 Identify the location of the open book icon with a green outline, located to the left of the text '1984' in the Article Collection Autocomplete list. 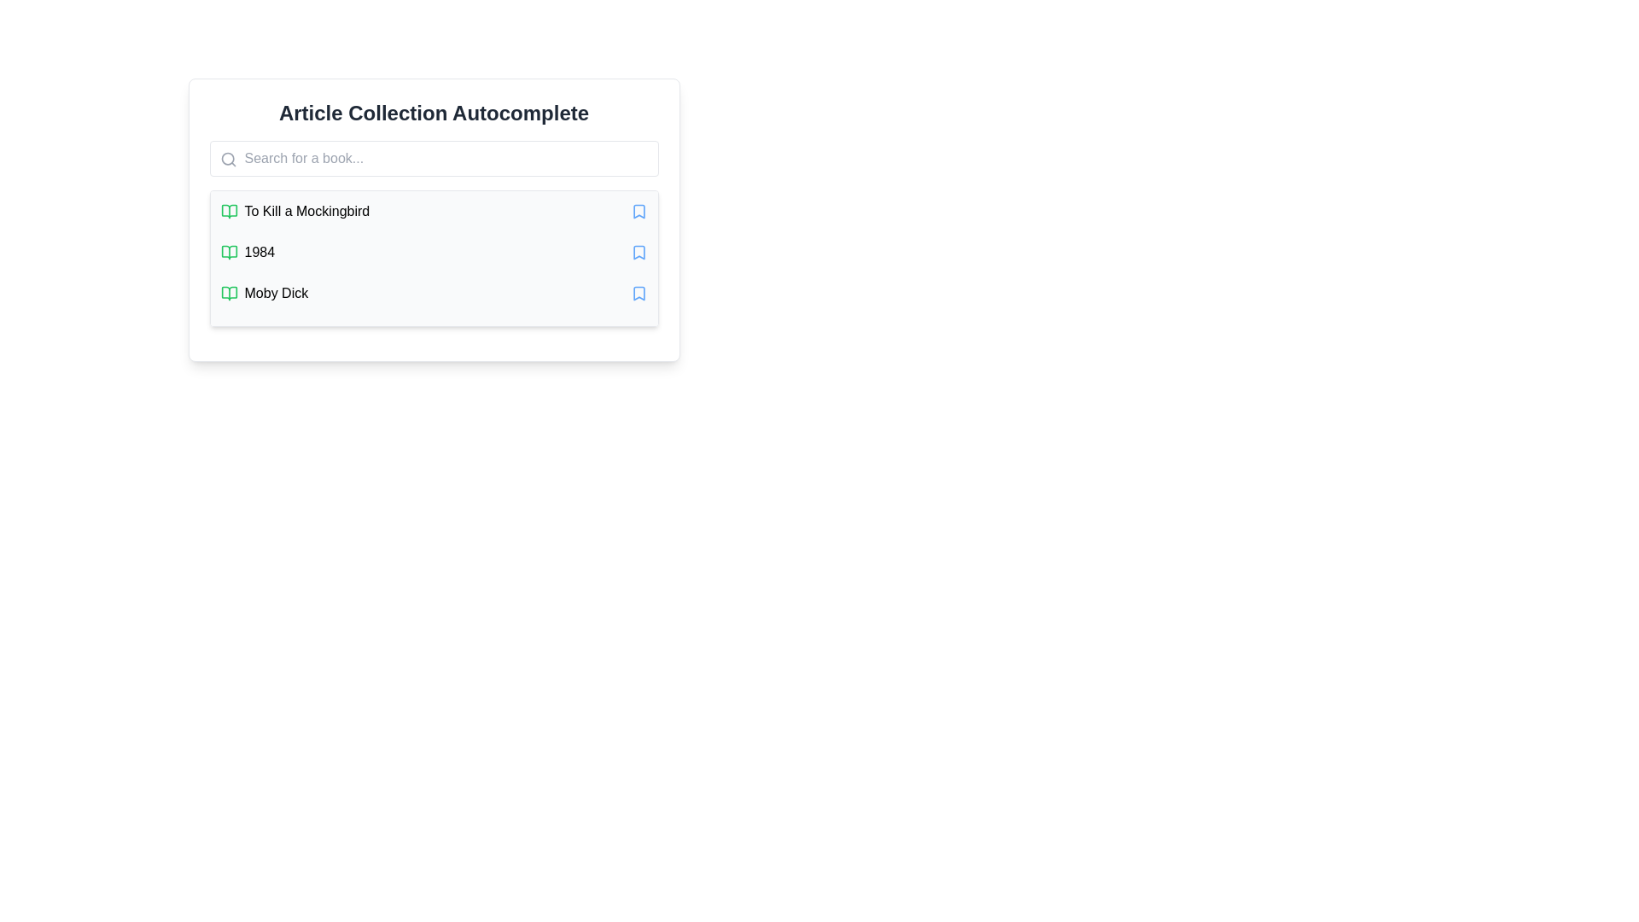
(228, 253).